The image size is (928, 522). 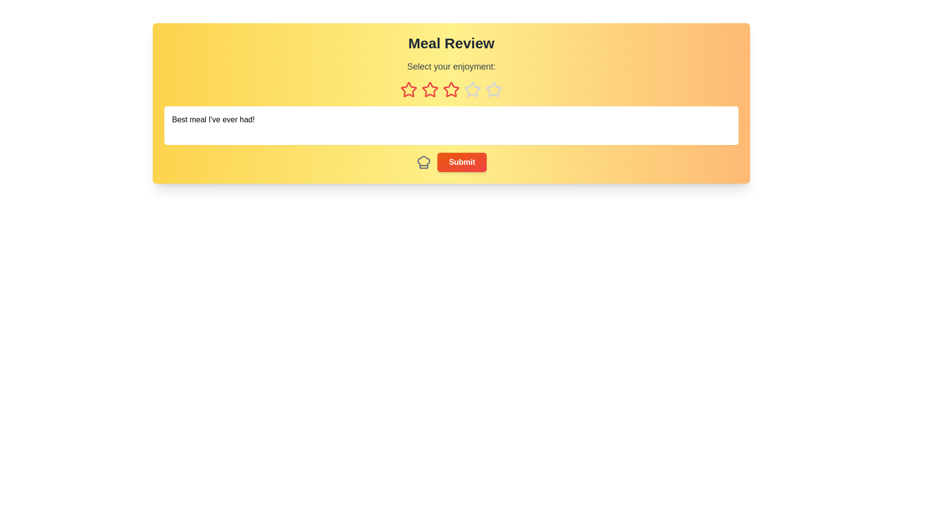 I want to click on the sixth star icon used for rating in the review system located below the 'Meal Review' heading and 'Select your enjoyment:' prompt, so click(x=473, y=89).